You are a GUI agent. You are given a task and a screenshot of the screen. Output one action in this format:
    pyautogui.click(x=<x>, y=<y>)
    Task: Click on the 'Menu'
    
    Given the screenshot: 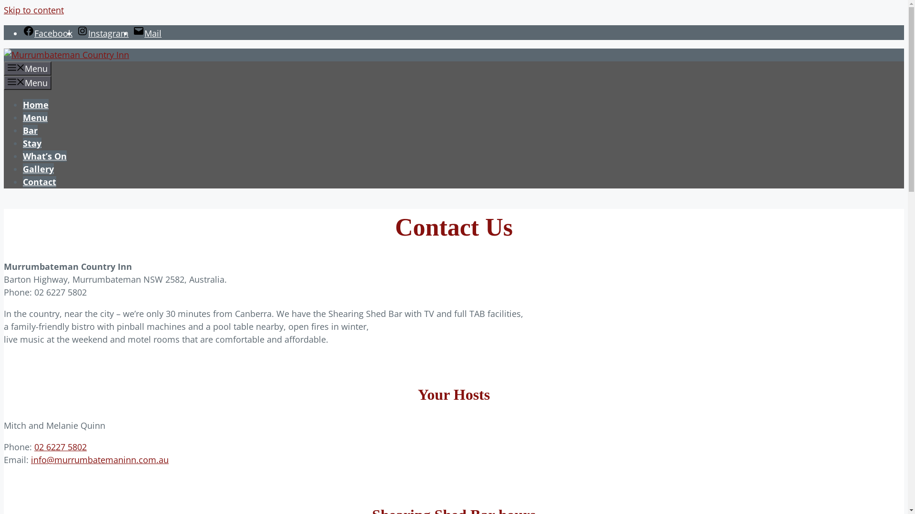 What is the action you would take?
    pyautogui.click(x=27, y=68)
    